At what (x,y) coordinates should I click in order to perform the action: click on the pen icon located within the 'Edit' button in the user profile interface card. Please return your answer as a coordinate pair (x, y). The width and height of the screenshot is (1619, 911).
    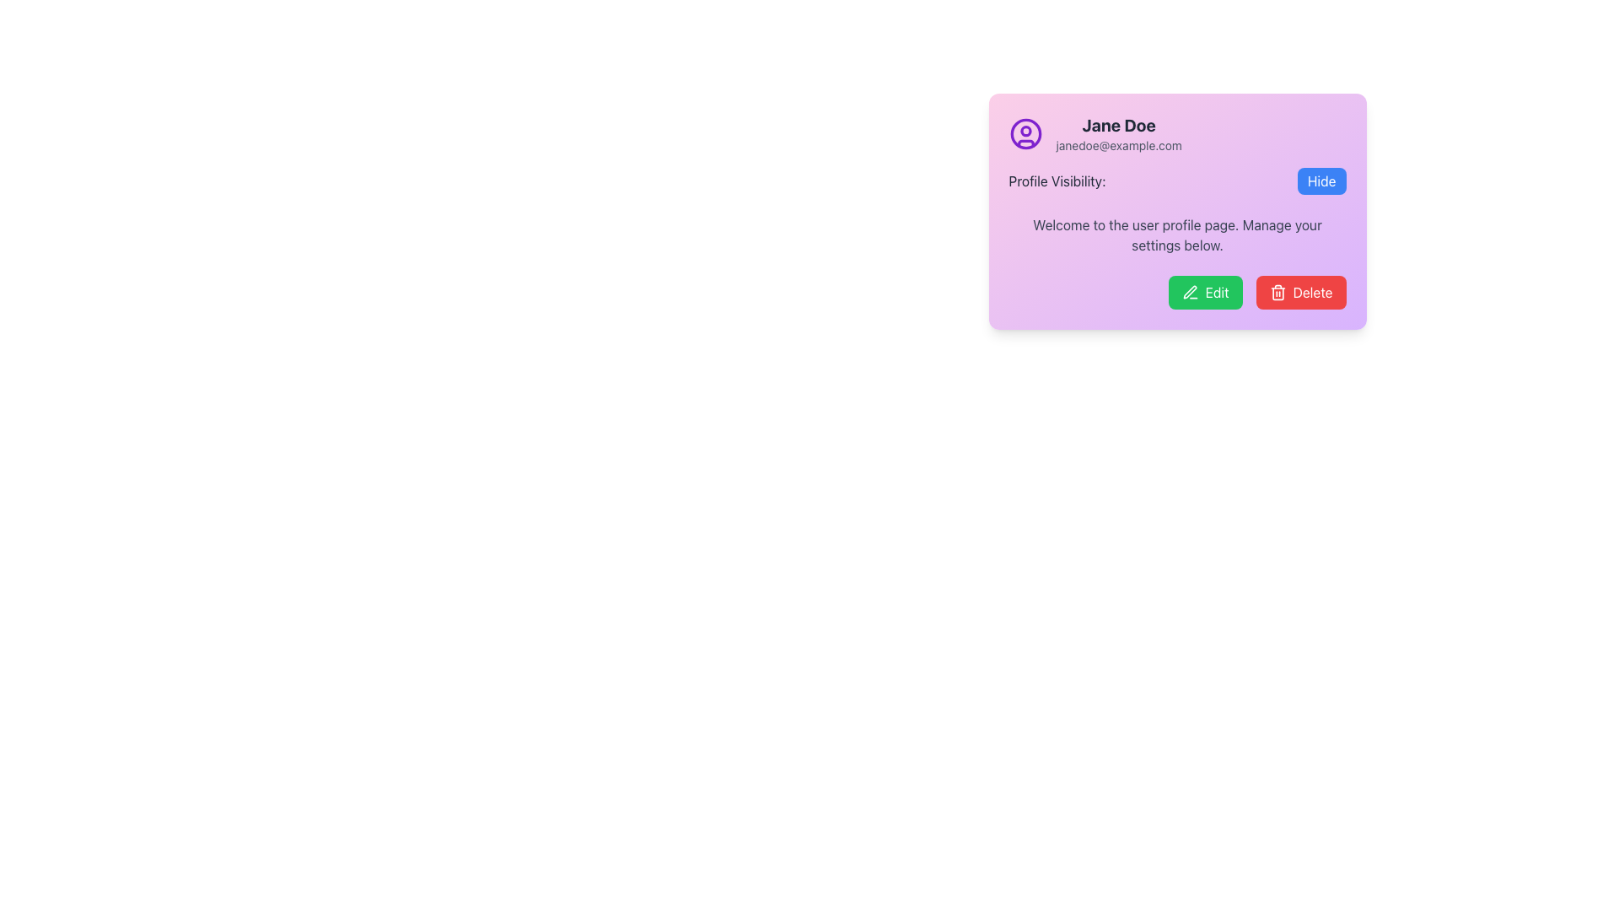
    Looking at the image, I should click on (1189, 291).